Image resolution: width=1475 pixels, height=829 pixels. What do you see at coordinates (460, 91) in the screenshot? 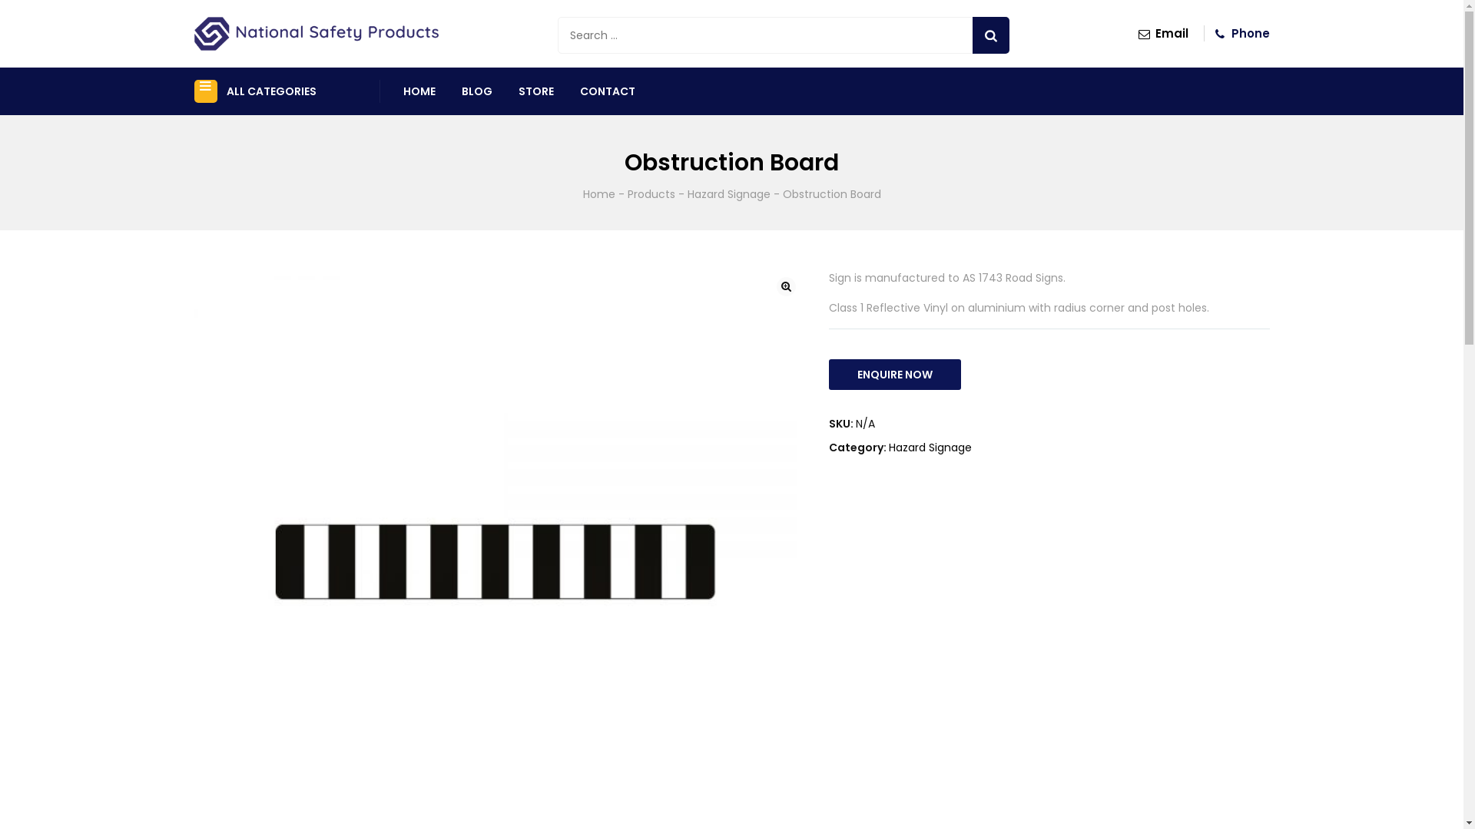
I see `'BLOG'` at bounding box center [460, 91].